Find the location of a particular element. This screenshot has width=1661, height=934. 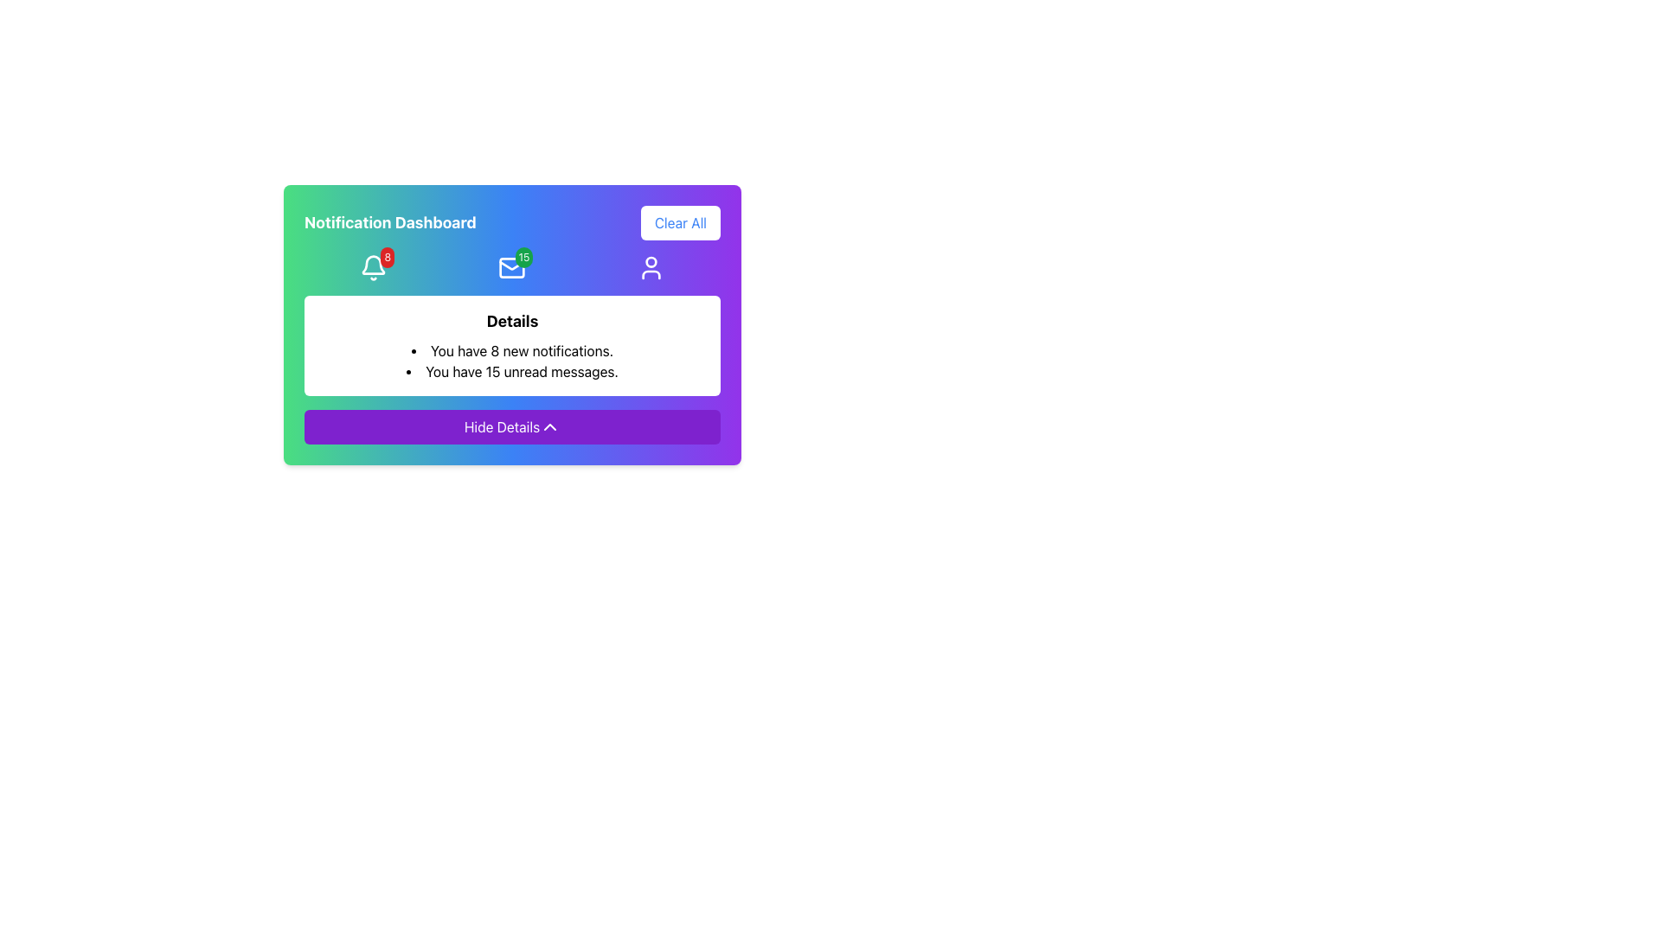

the Circle representation in the SVG graphic that represents the user profile icon, located in the top-right quadrant of the dashboard interface is located at coordinates (650, 262).